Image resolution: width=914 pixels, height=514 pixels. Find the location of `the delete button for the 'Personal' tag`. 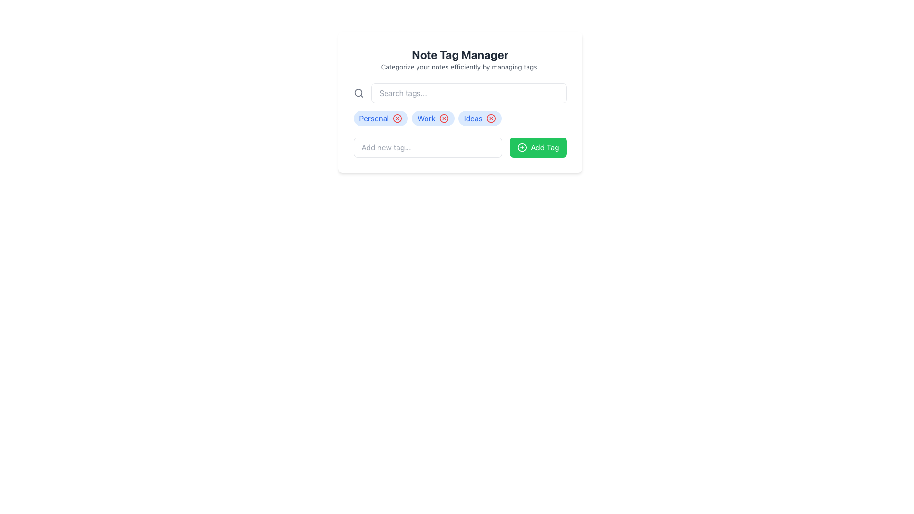

the delete button for the 'Personal' tag is located at coordinates (397, 118).